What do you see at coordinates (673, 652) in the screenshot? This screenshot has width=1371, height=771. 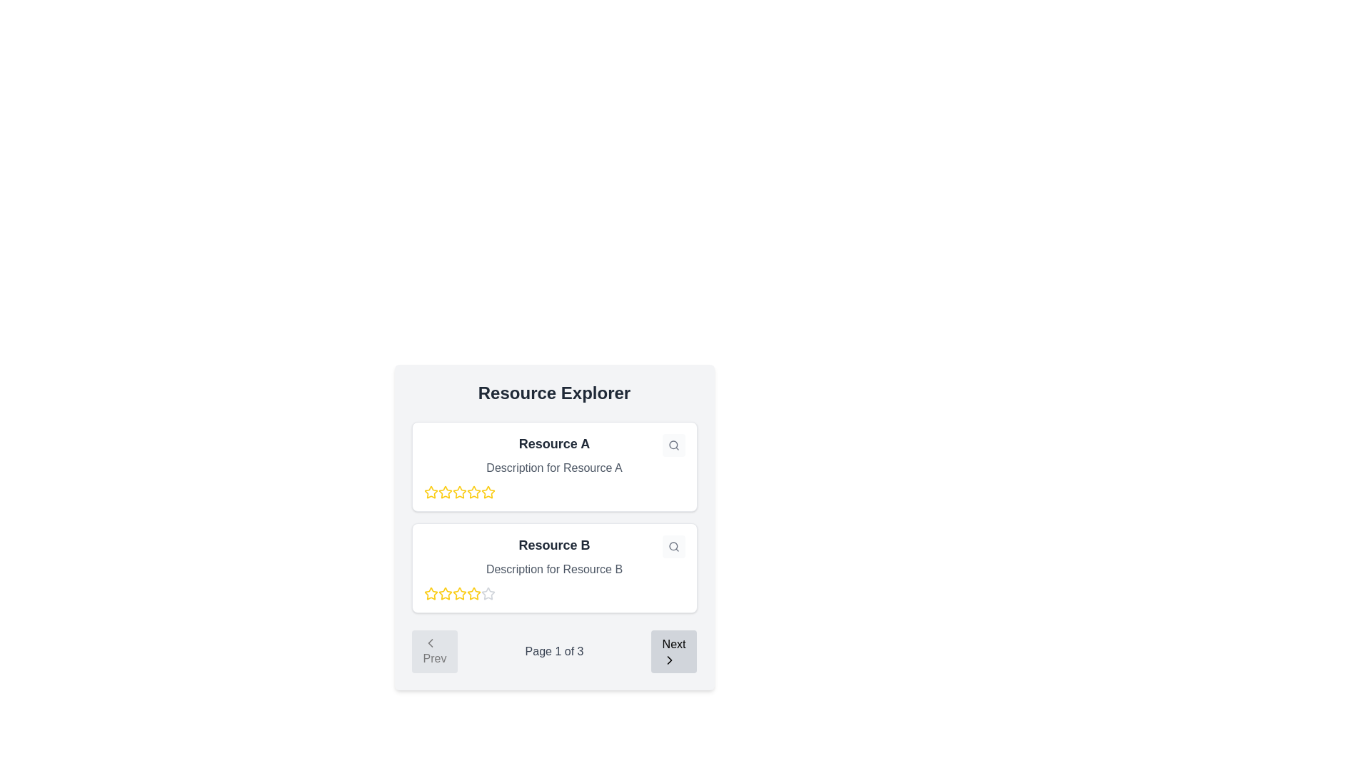 I see `the 'Next' button, which is a rectangular button with a gray background and a chevron icon, to observe visual feedback` at bounding box center [673, 652].